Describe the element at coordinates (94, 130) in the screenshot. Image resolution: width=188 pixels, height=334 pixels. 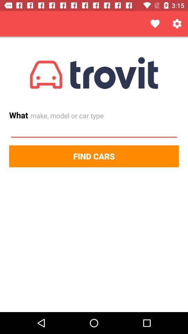
I see `the icon below the what item` at that location.